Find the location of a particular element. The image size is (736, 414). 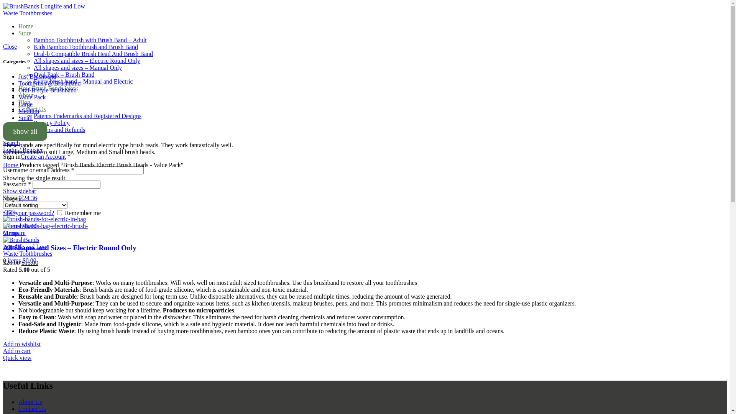

'Add to cart' is located at coordinates (16, 351).